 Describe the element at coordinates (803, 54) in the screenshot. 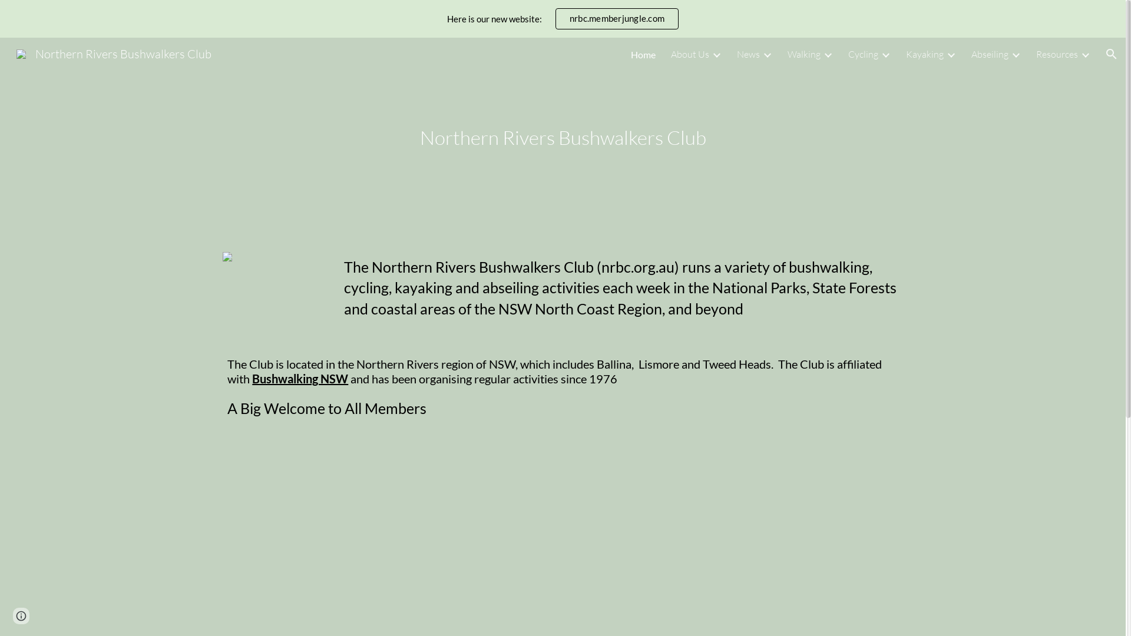

I see `'Walking'` at that location.